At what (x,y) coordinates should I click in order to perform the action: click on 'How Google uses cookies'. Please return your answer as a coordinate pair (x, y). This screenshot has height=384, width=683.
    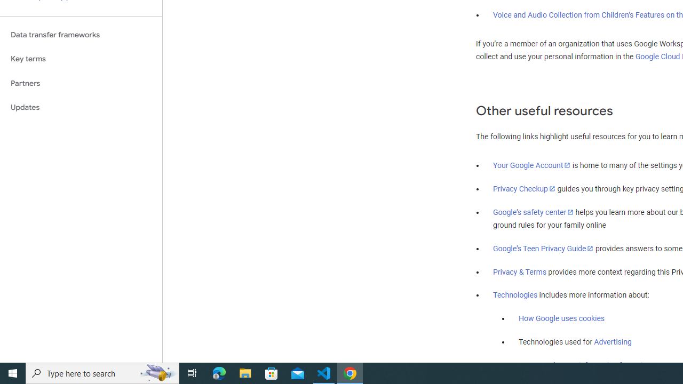
    Looking at the image, I should click on (561, 318).